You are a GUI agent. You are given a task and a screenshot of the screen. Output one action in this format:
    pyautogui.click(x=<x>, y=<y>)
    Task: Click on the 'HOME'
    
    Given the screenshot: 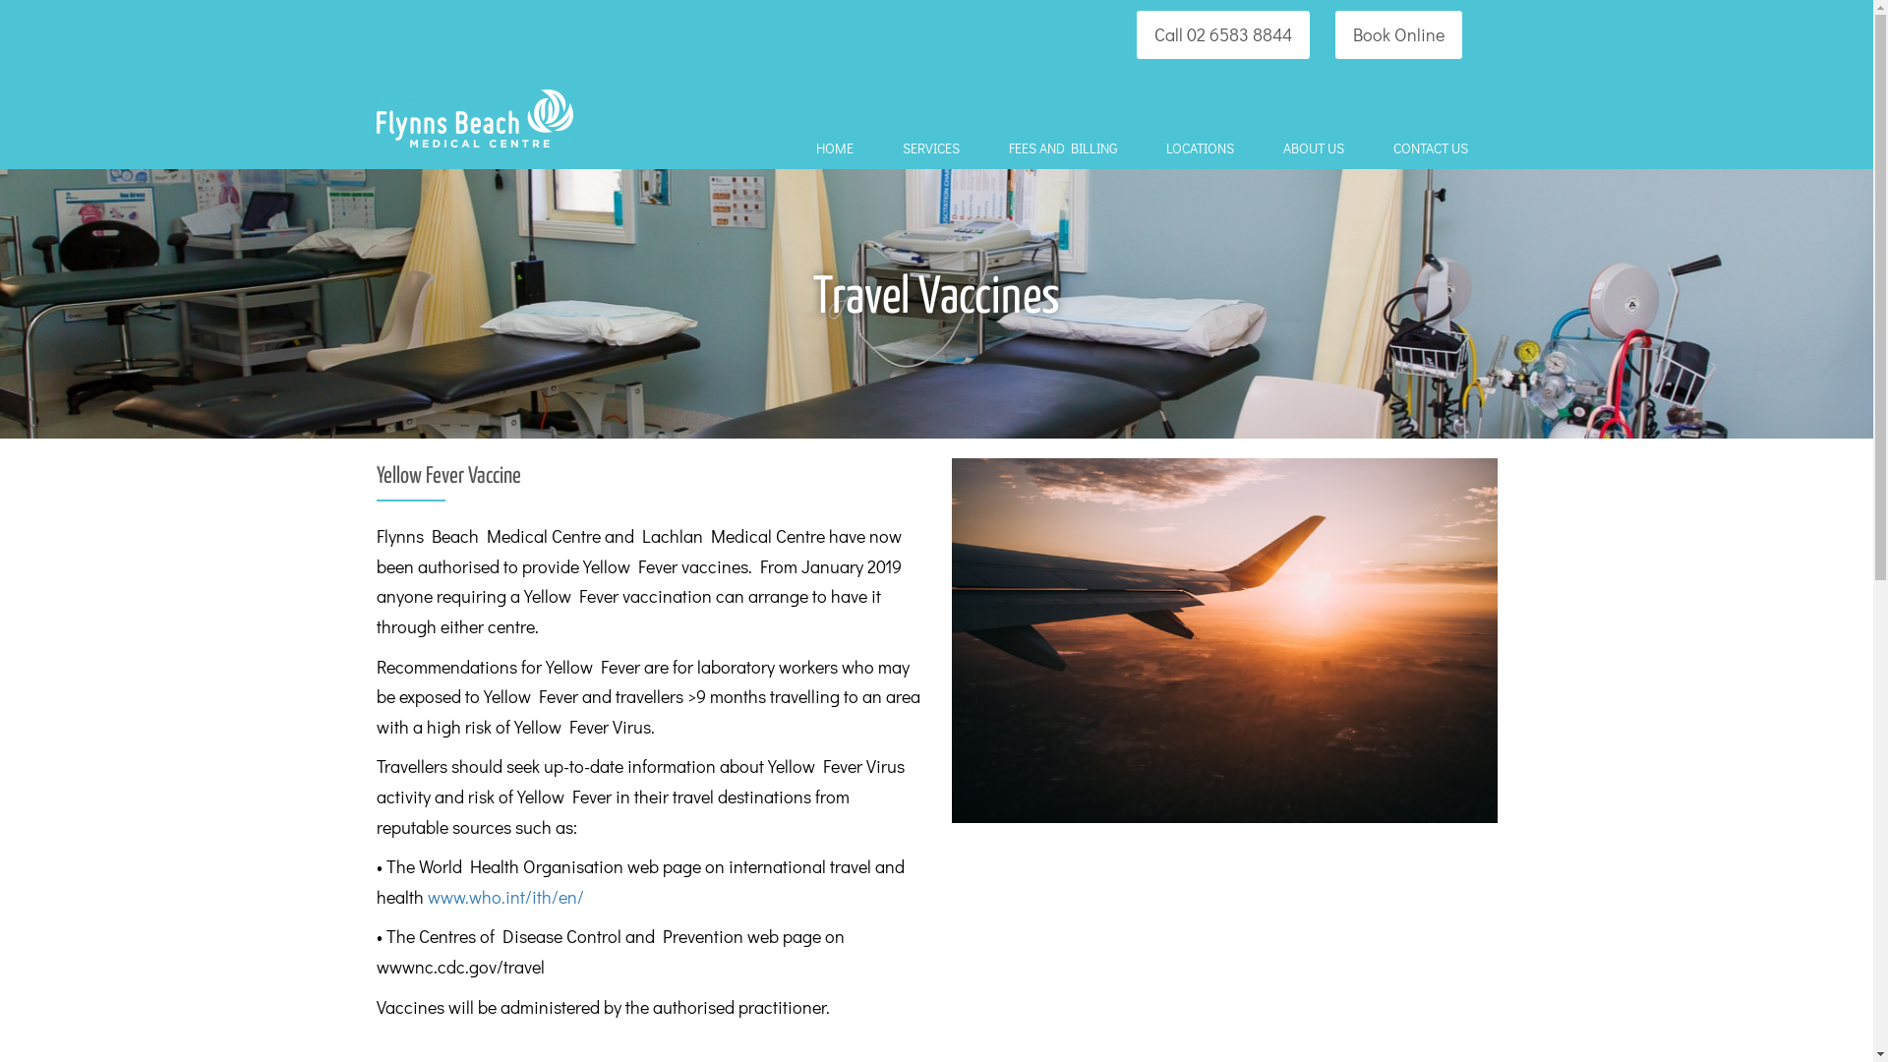 What is the action you would take?
    pyautogui.click(x=840, y=147)
    